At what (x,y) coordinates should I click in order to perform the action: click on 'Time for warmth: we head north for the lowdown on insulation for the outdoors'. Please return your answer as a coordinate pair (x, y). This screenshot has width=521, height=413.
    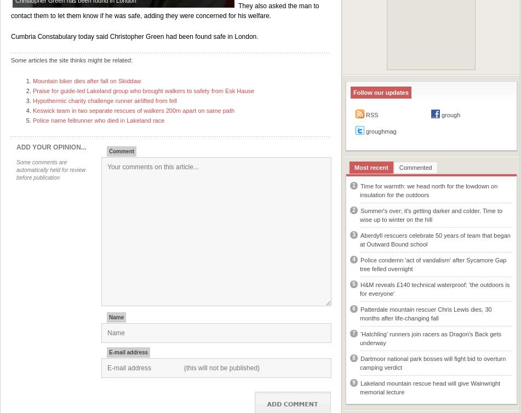
    Looking at the image, I should click on (428, 190).